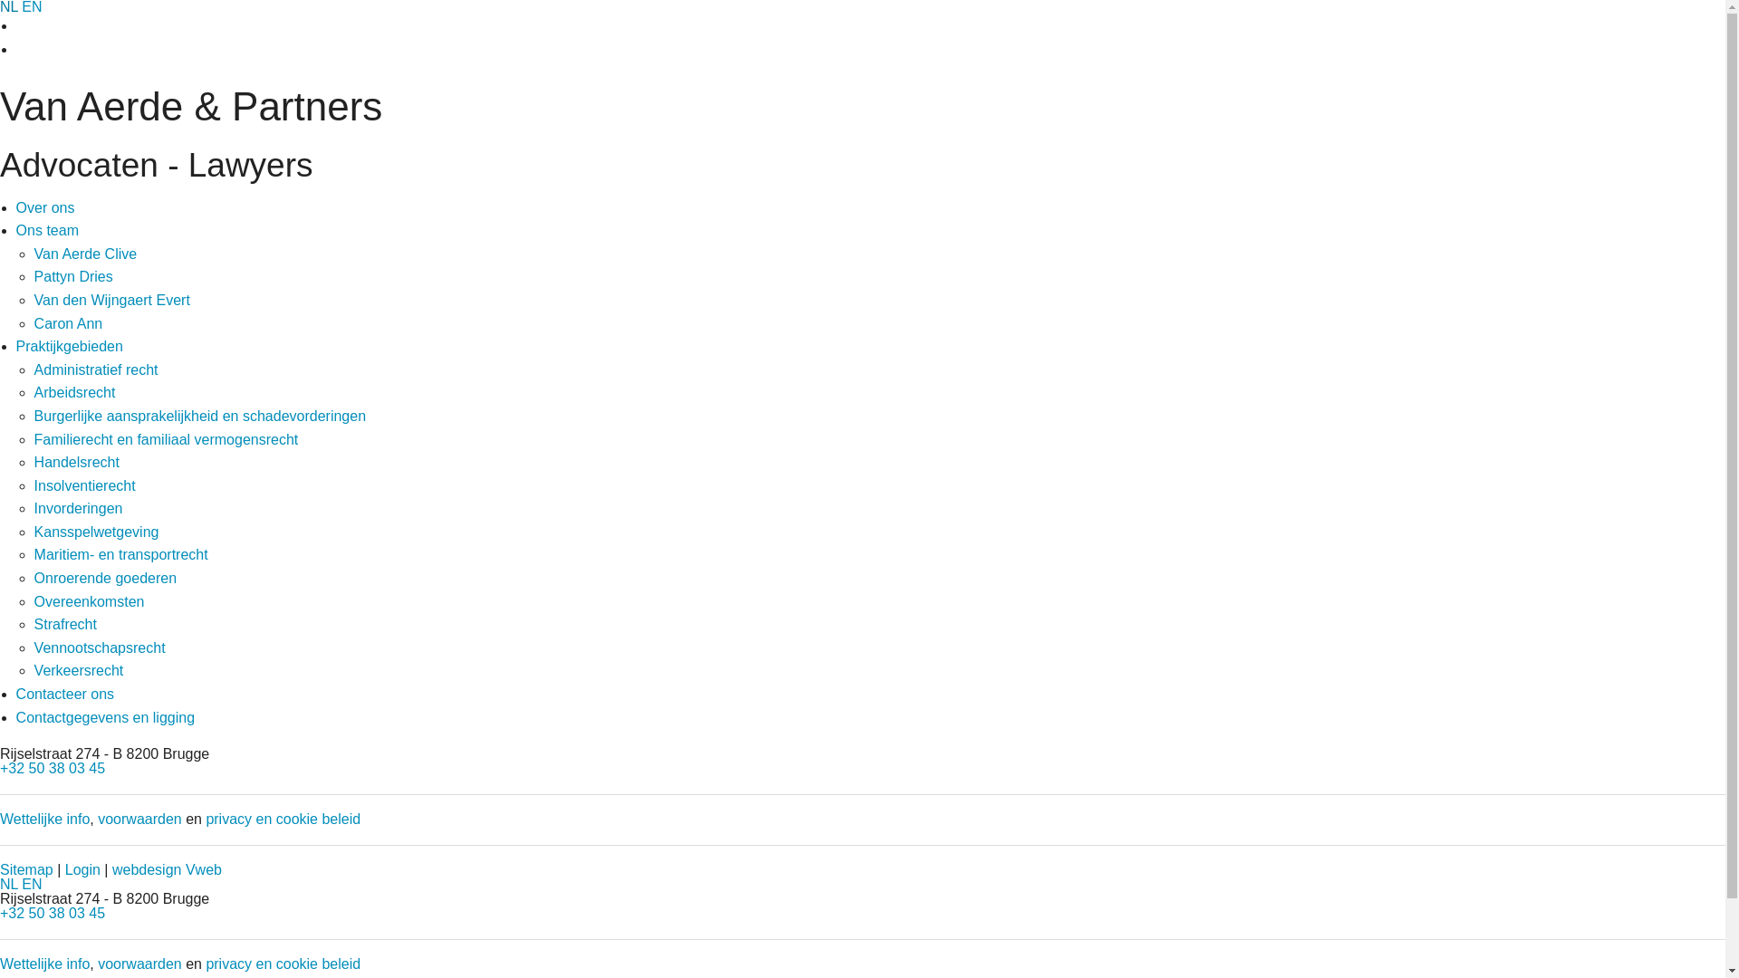 The image size is (1739, 978). I want to click on 'Overeenkomsten', so click(89, 601).